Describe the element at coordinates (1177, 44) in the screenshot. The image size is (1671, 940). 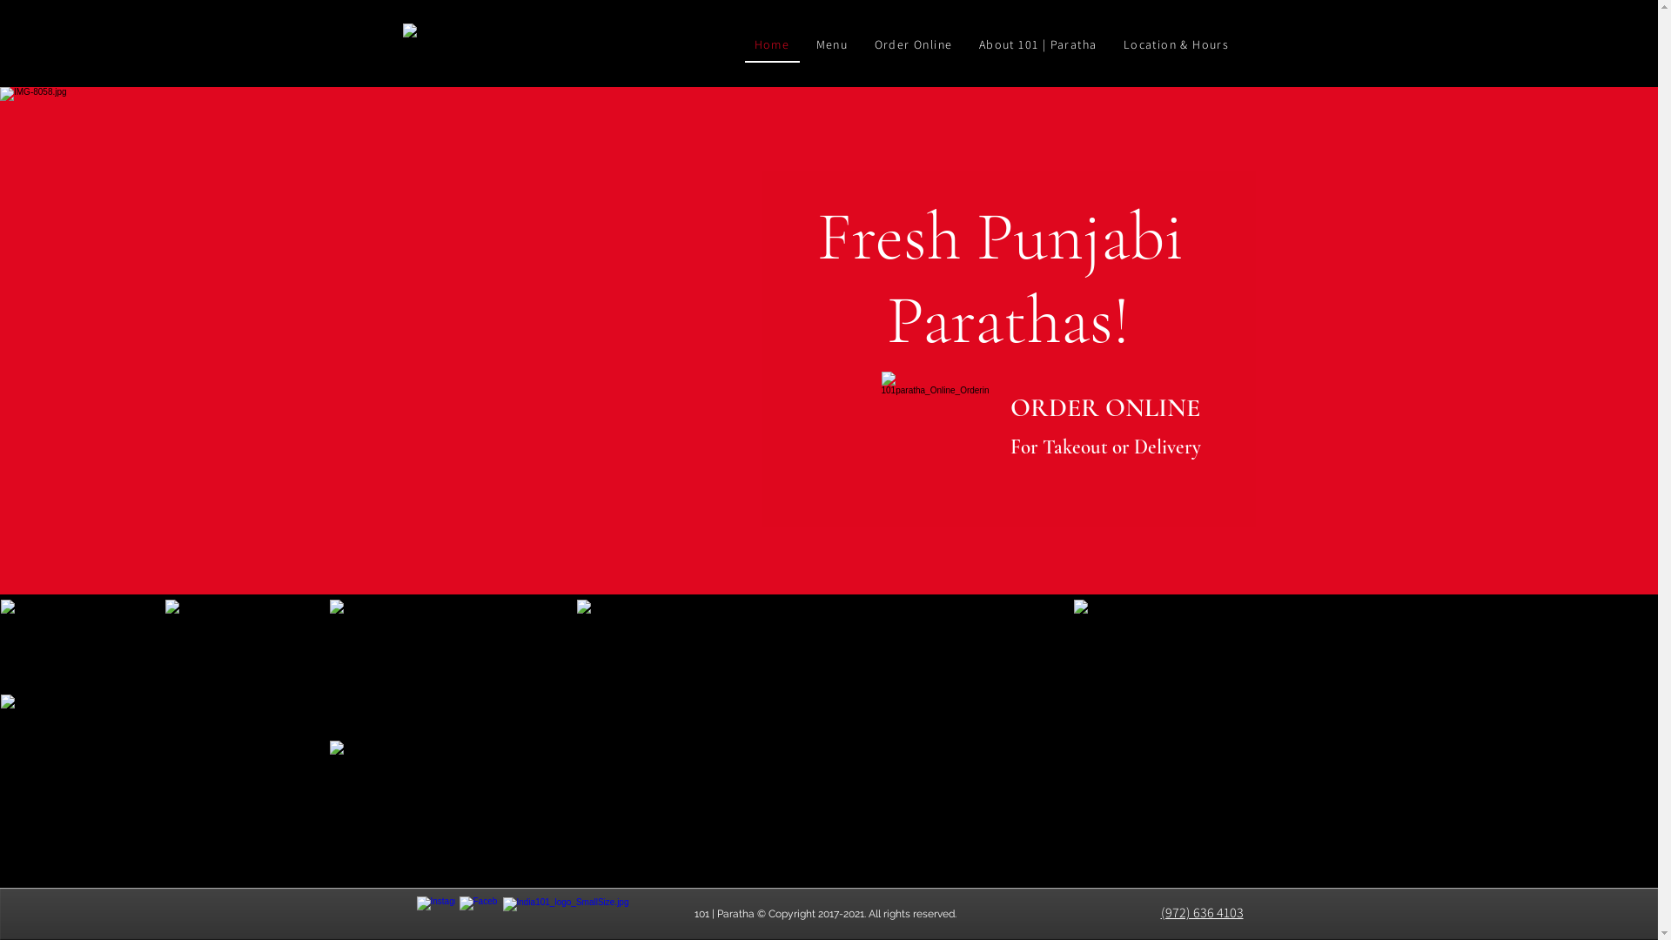
I see `'Location & Hours'` at that location.